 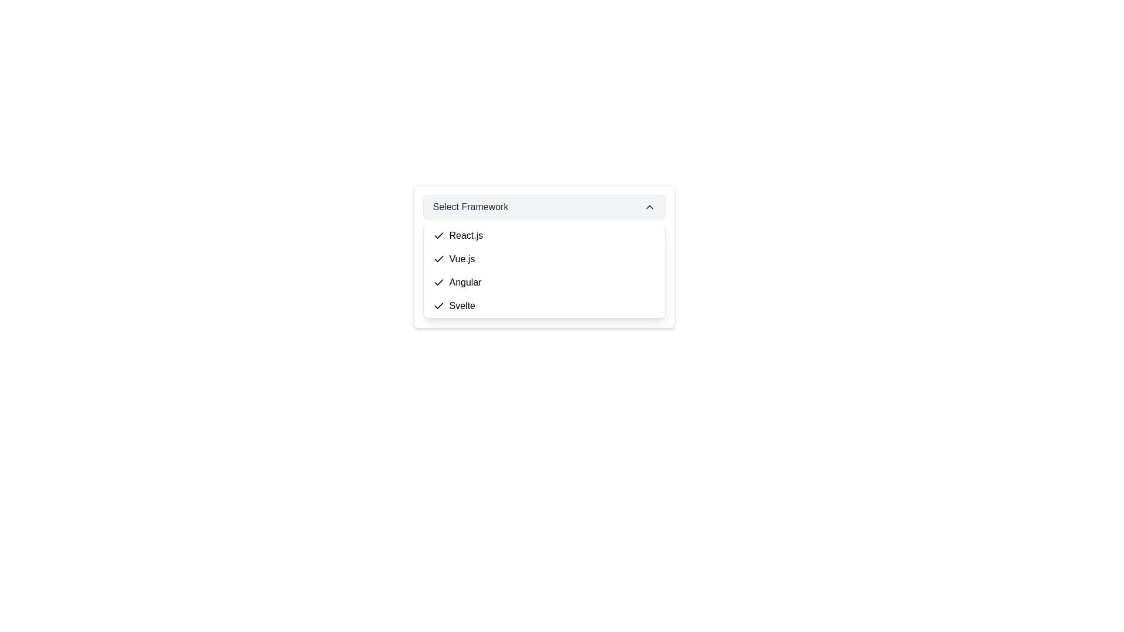 What do you see at coordinates (453, 305) in the screenshot?
I see `the text 'Svelte' in the dropdown menu titled 'Select Framework' to modify selection` at bounding box center [453, 305].